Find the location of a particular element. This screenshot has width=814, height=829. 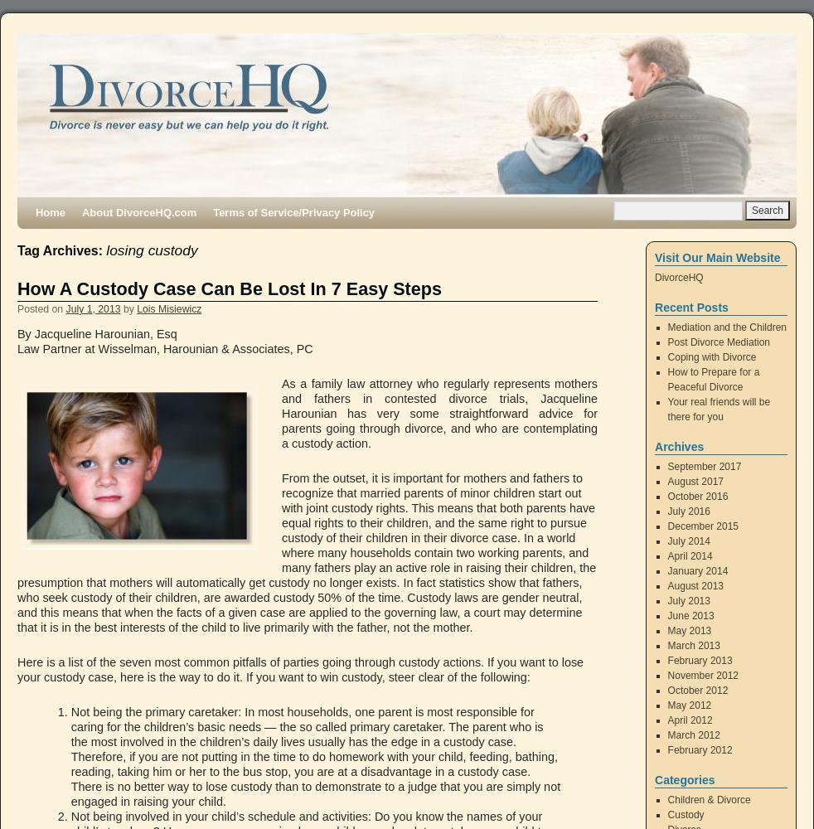

'August 2017' is located at coordinates (695, 481).